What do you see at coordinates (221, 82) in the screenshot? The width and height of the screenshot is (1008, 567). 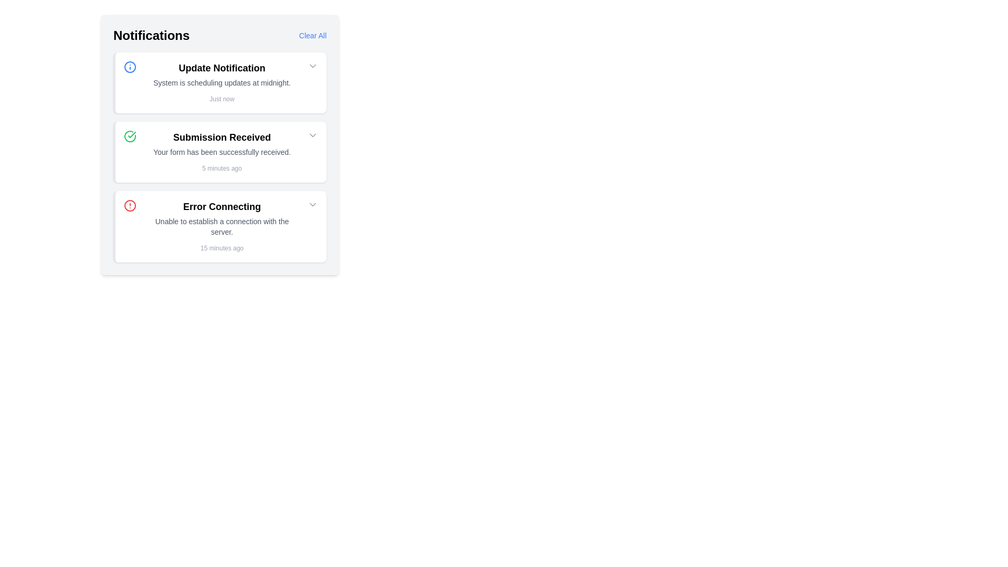 I see `the Notification text block that provides updates about system operations, specifically the first entry in the notification list with the details 'System is scheduling updates at midnight.'` at bounding box center [221, 82].